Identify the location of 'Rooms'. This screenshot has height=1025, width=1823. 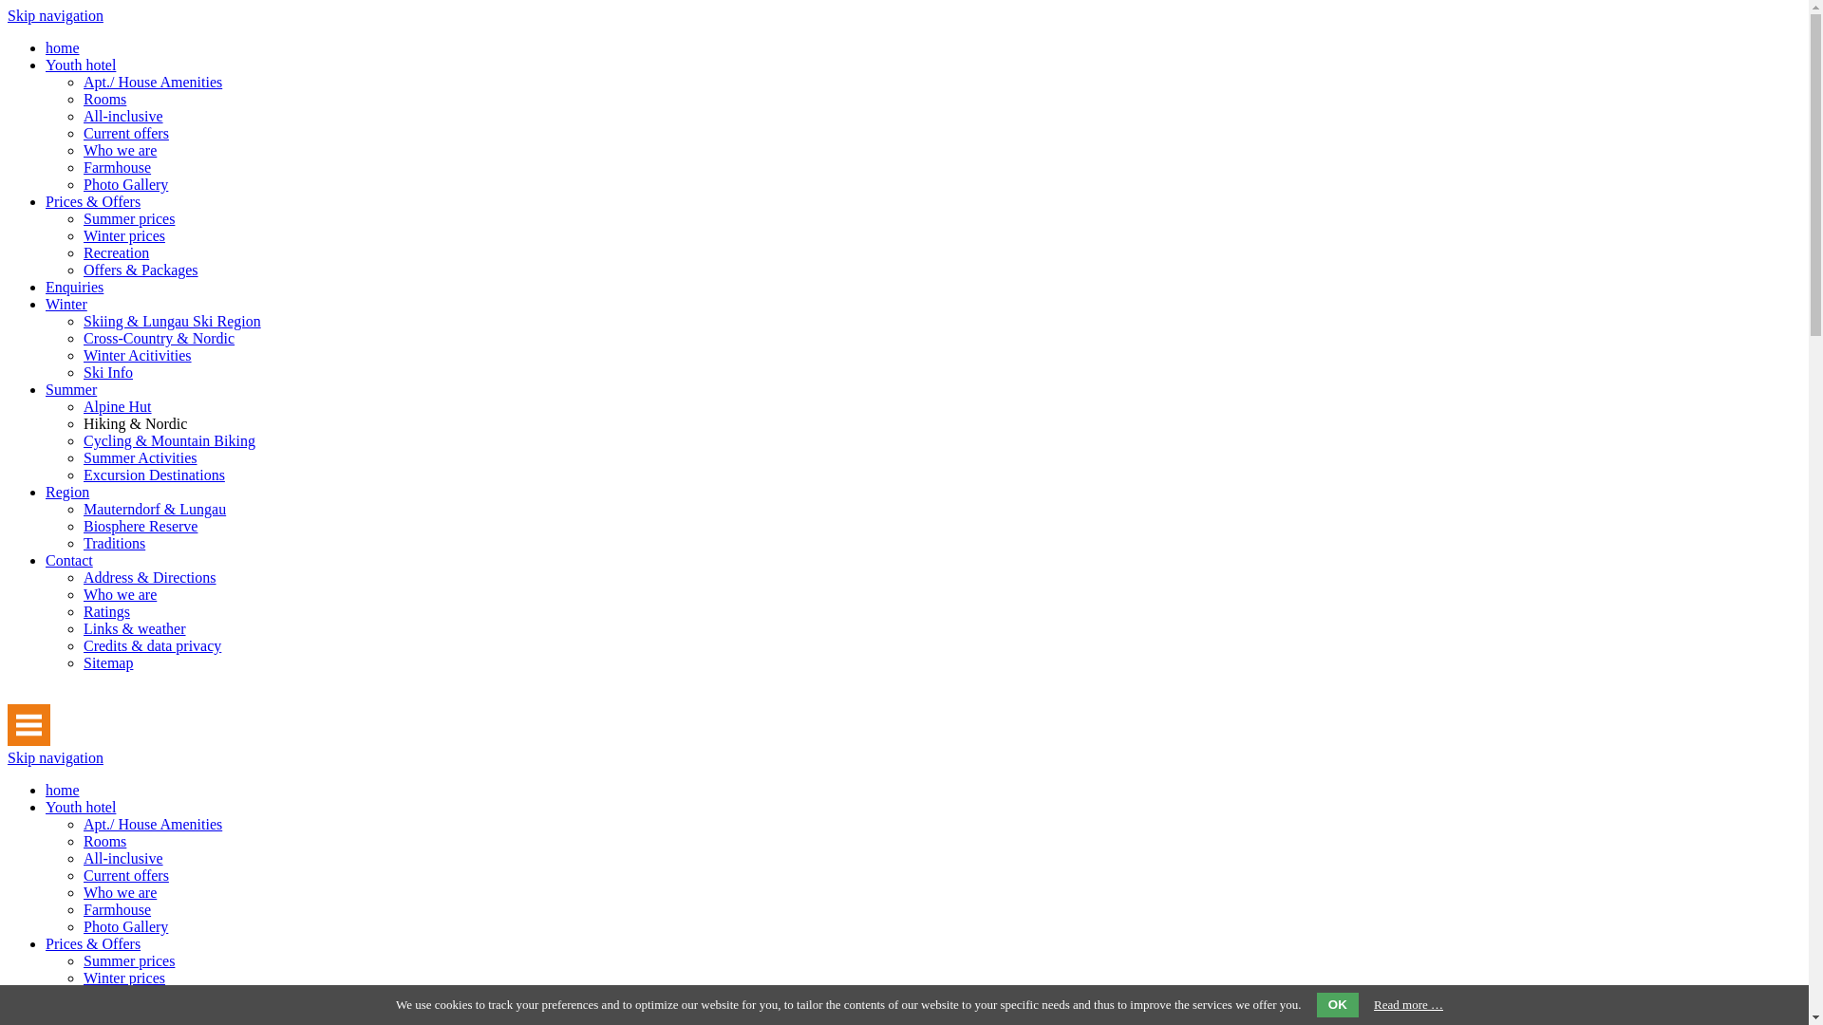
(103, 840).